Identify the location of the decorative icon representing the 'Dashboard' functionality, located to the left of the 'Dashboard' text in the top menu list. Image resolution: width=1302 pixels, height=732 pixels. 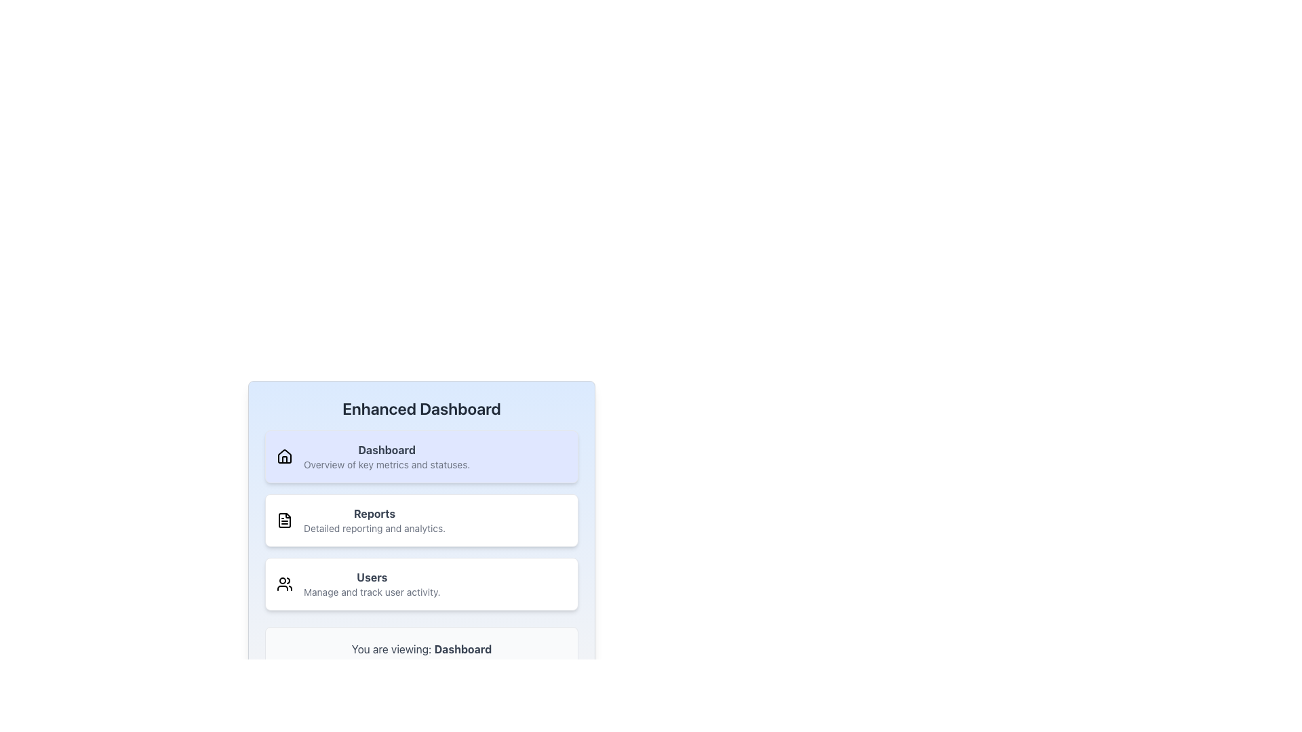
(284, 455).